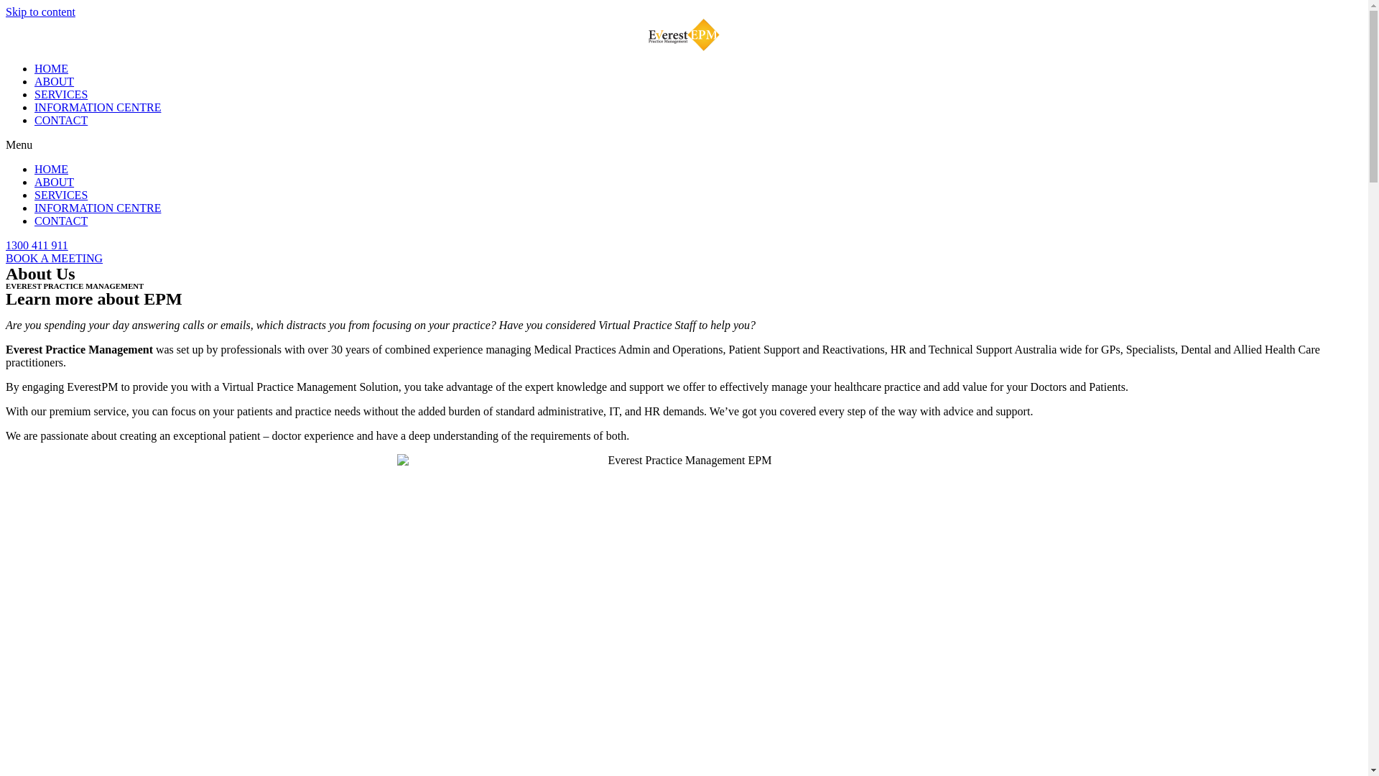  Describe the element at coordinates (34, 106) in the screenshot. I see `'INFORMATION CENTRE'` at that location.